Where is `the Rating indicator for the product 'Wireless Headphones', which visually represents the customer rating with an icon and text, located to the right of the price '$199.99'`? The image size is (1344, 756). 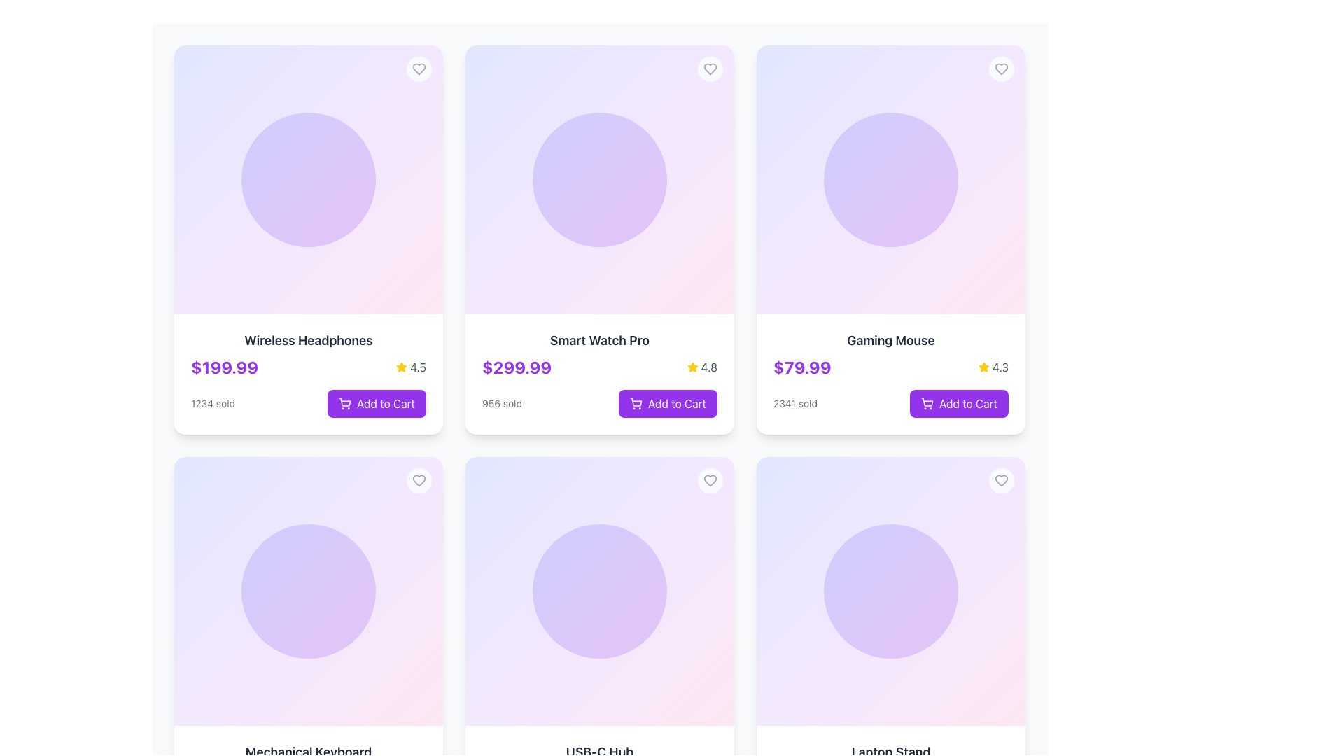 the Rating indicator for the product 'Wireless Headphones', which visually represents the customer rating with an icon and text, located to the right of the price '$199.99' is located at coordinates (410, 366).